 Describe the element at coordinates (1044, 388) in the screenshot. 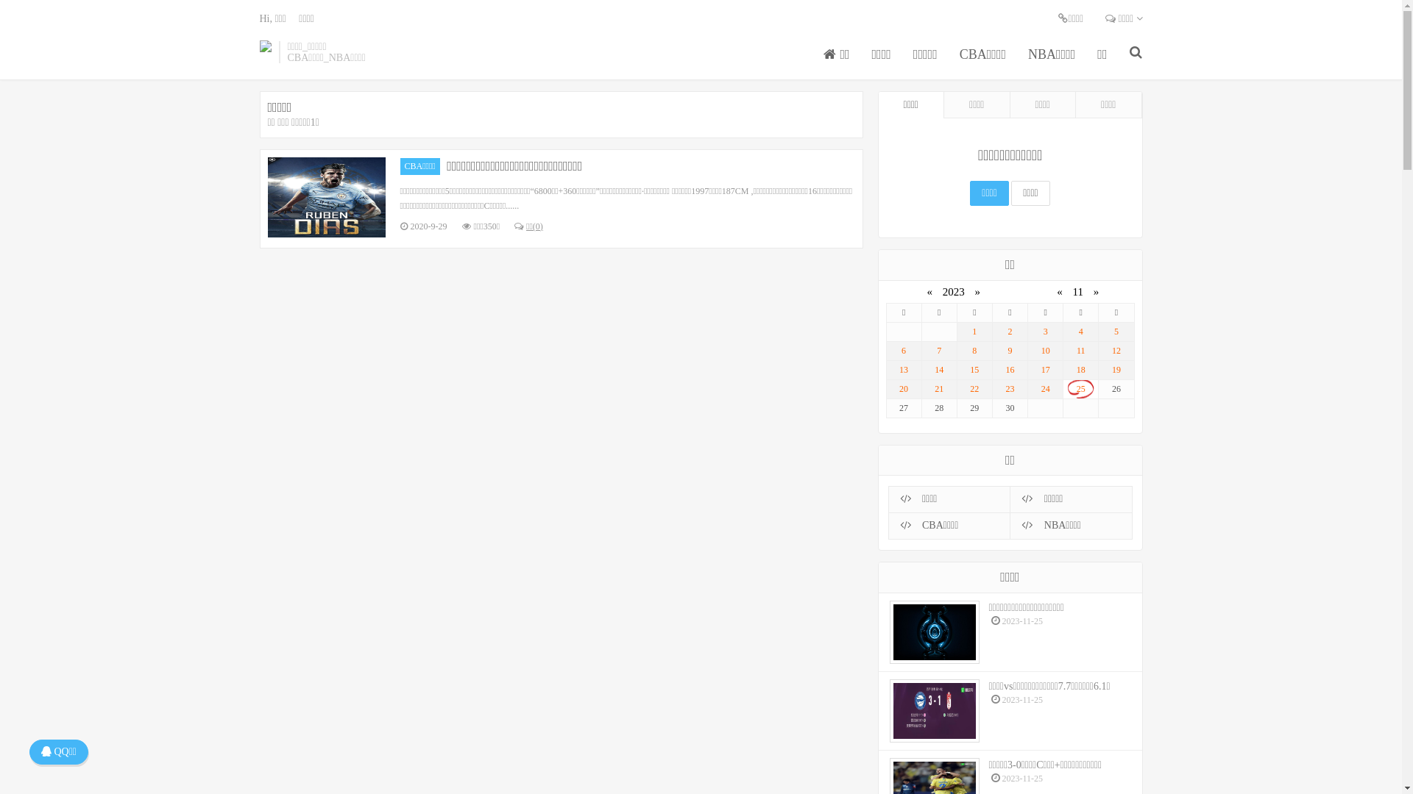

I see `'24'` at that location.